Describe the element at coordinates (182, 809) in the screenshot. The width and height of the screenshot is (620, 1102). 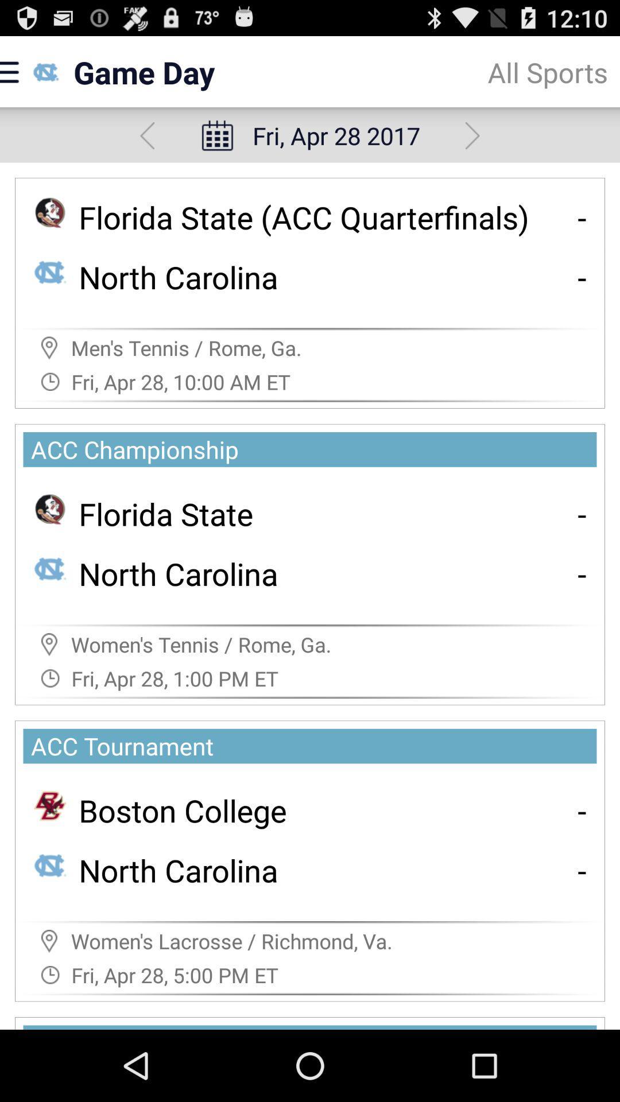
I see `icon below the acc tournament` at that location.